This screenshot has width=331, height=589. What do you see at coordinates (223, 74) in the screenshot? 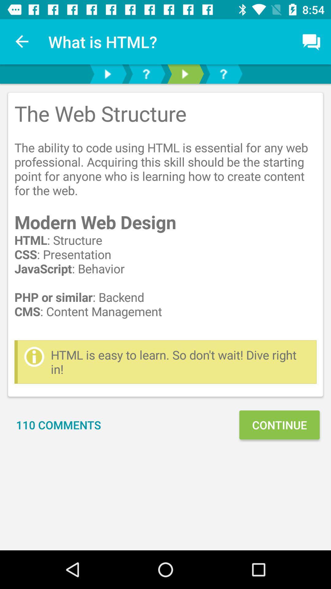
I see `the help icon` at bounding box center [223, 74].